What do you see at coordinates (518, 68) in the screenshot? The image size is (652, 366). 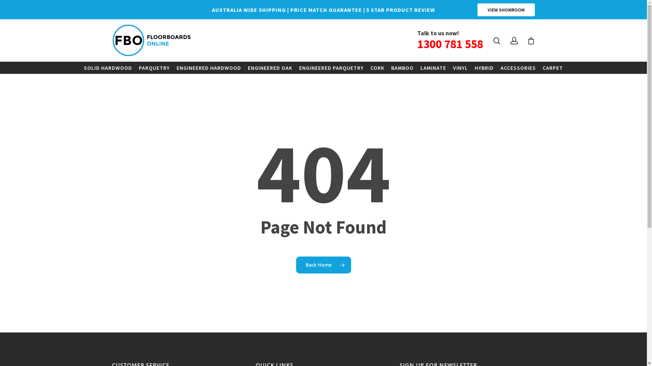 I see `'ACCESSORIES'` at bounding box center [518, 68].